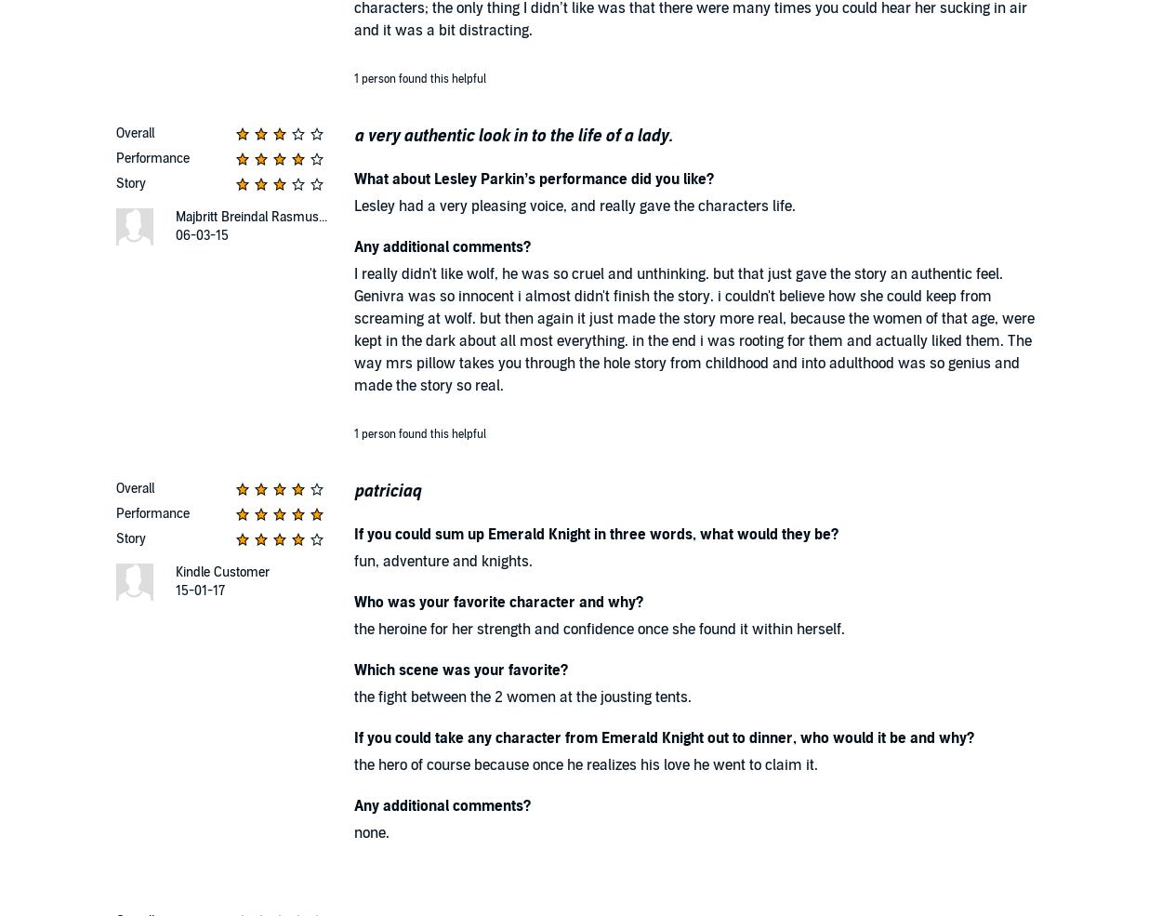 This screenshot has height=916, width=1162. Describe the element at coordinates (221, 571) in the screenshot. I see `'Kindle Customer'` at that location.